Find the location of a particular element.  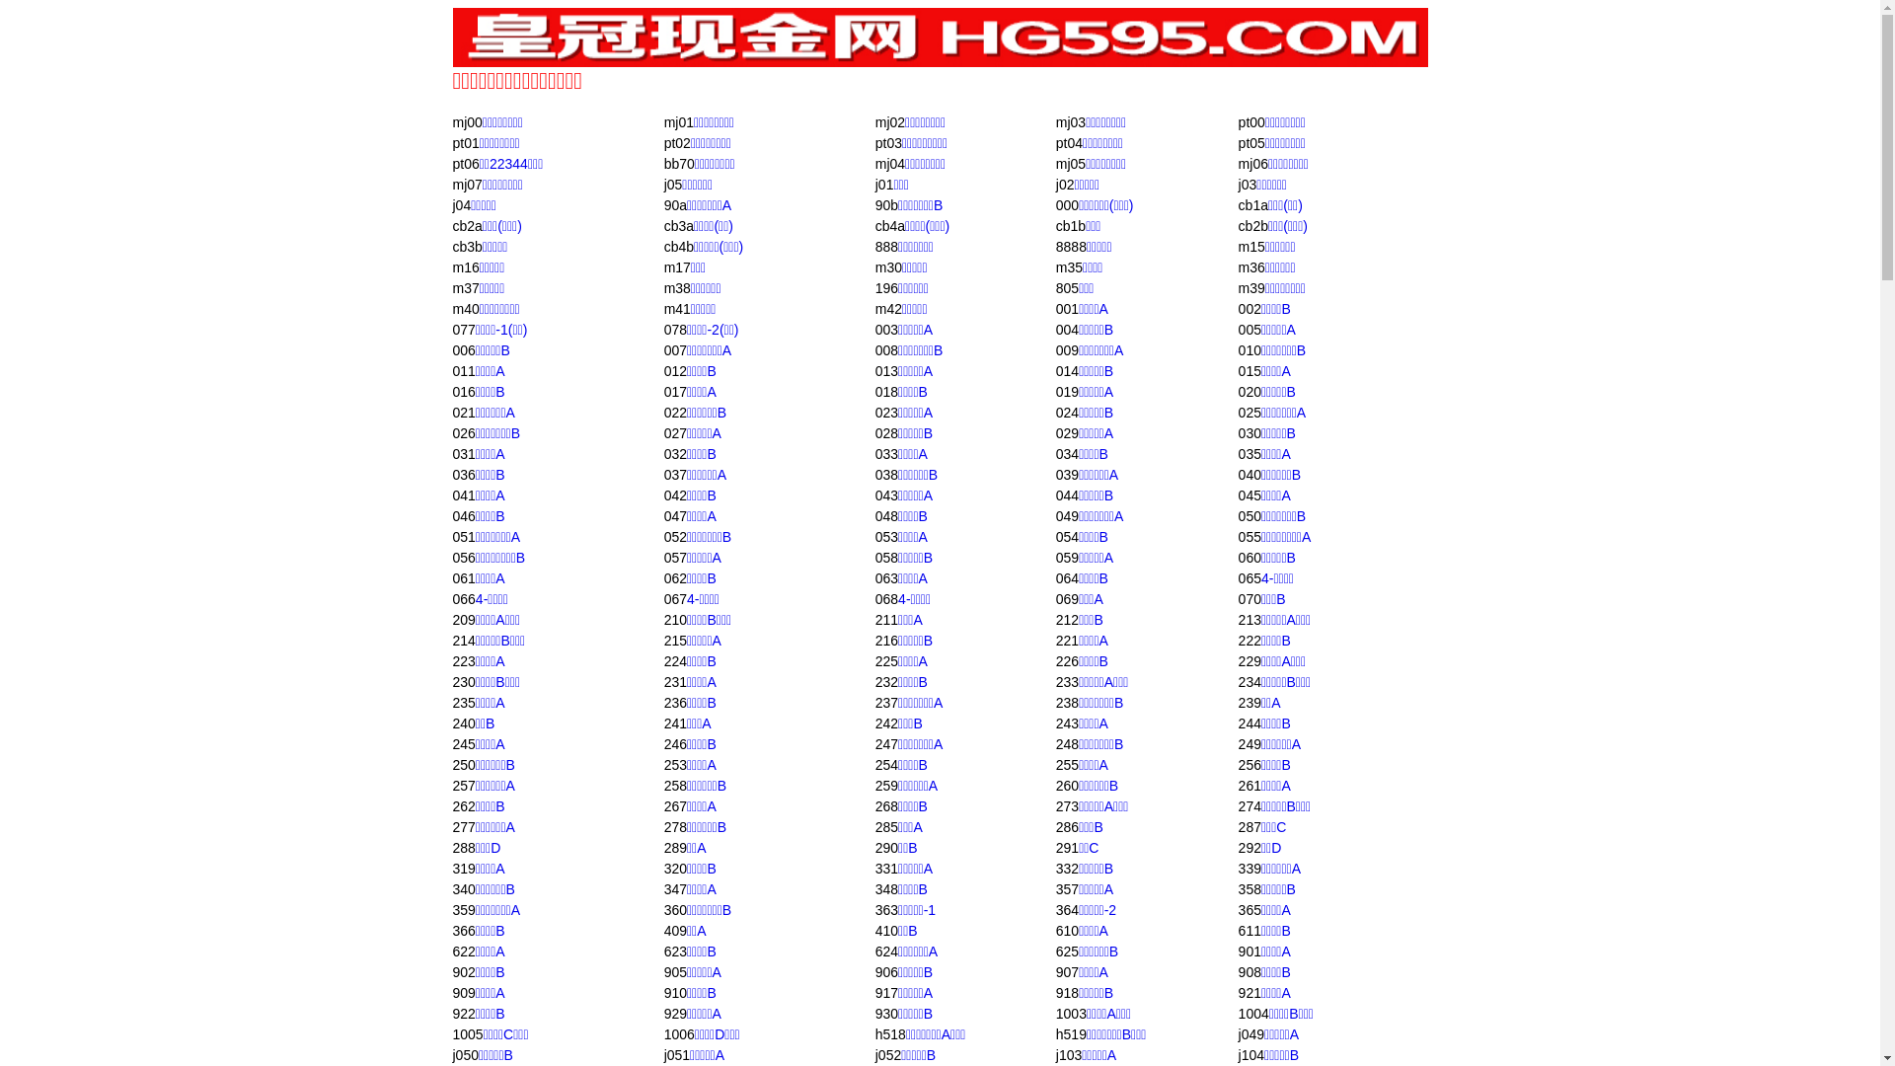

'908' is located at coordinates (1249, 970).